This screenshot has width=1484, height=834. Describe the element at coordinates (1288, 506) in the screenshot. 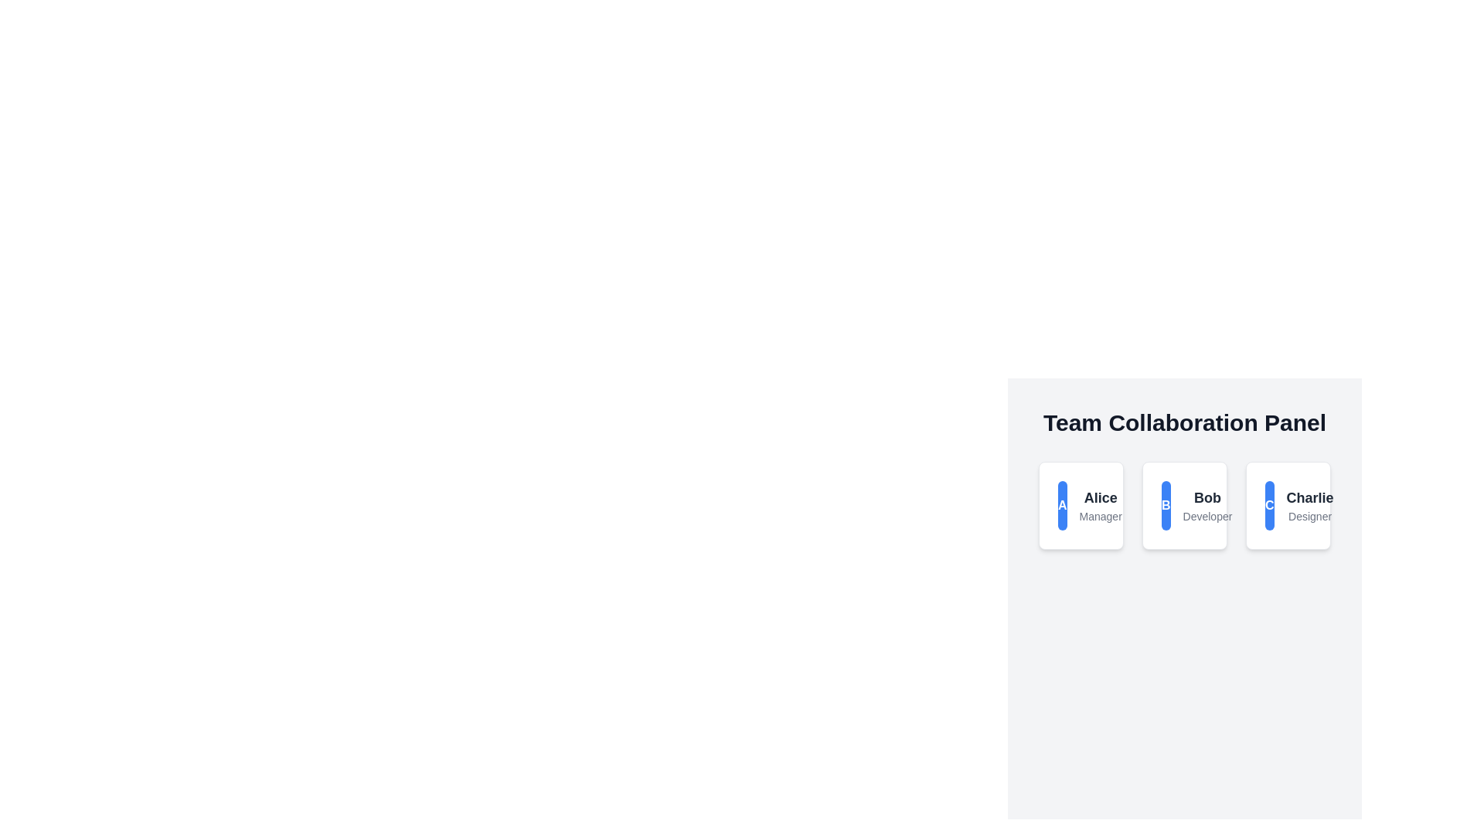

I see `the Informational Card featuring a circular blue icon with 'C' and text 'Charlie Designer' located in the Team Collaboration Panel` at that location.